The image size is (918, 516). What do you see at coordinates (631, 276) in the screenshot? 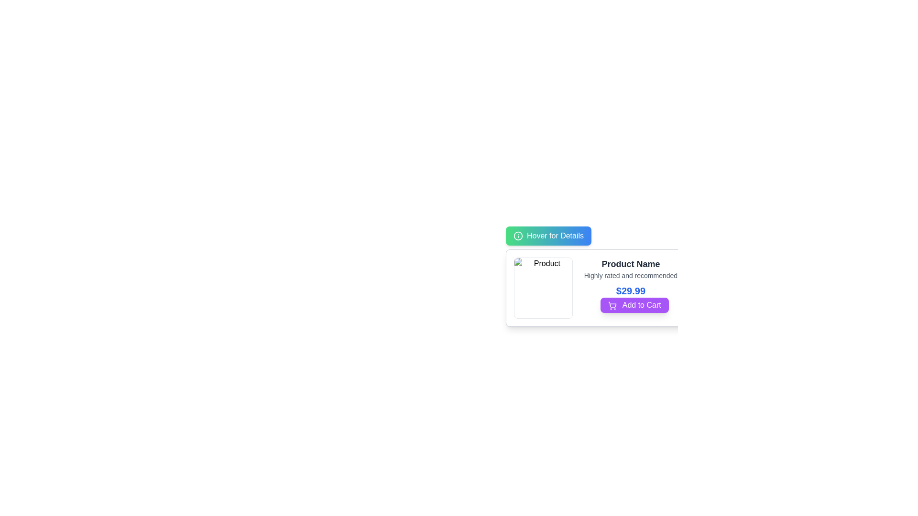
I see `the text label located underneath the 'Product Name' and above the price '$29.99', which provides additional descriptive information about the product's quality and recommendation level` at bounding box center [631, 276].